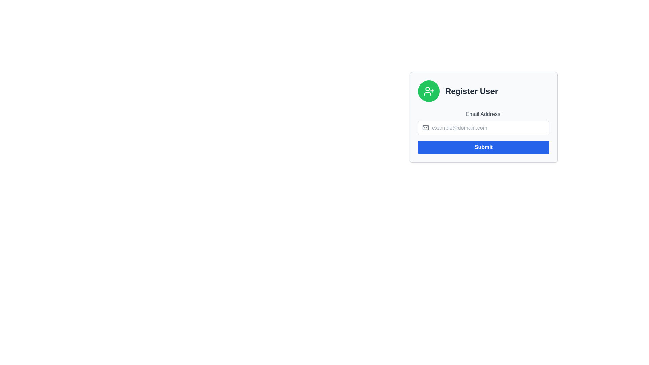  What do you see at coordinates (428, 91) in the screenshot?
I see `the user registration icon located to the left of the 'Register User' text` at bounding box center [428, 91].